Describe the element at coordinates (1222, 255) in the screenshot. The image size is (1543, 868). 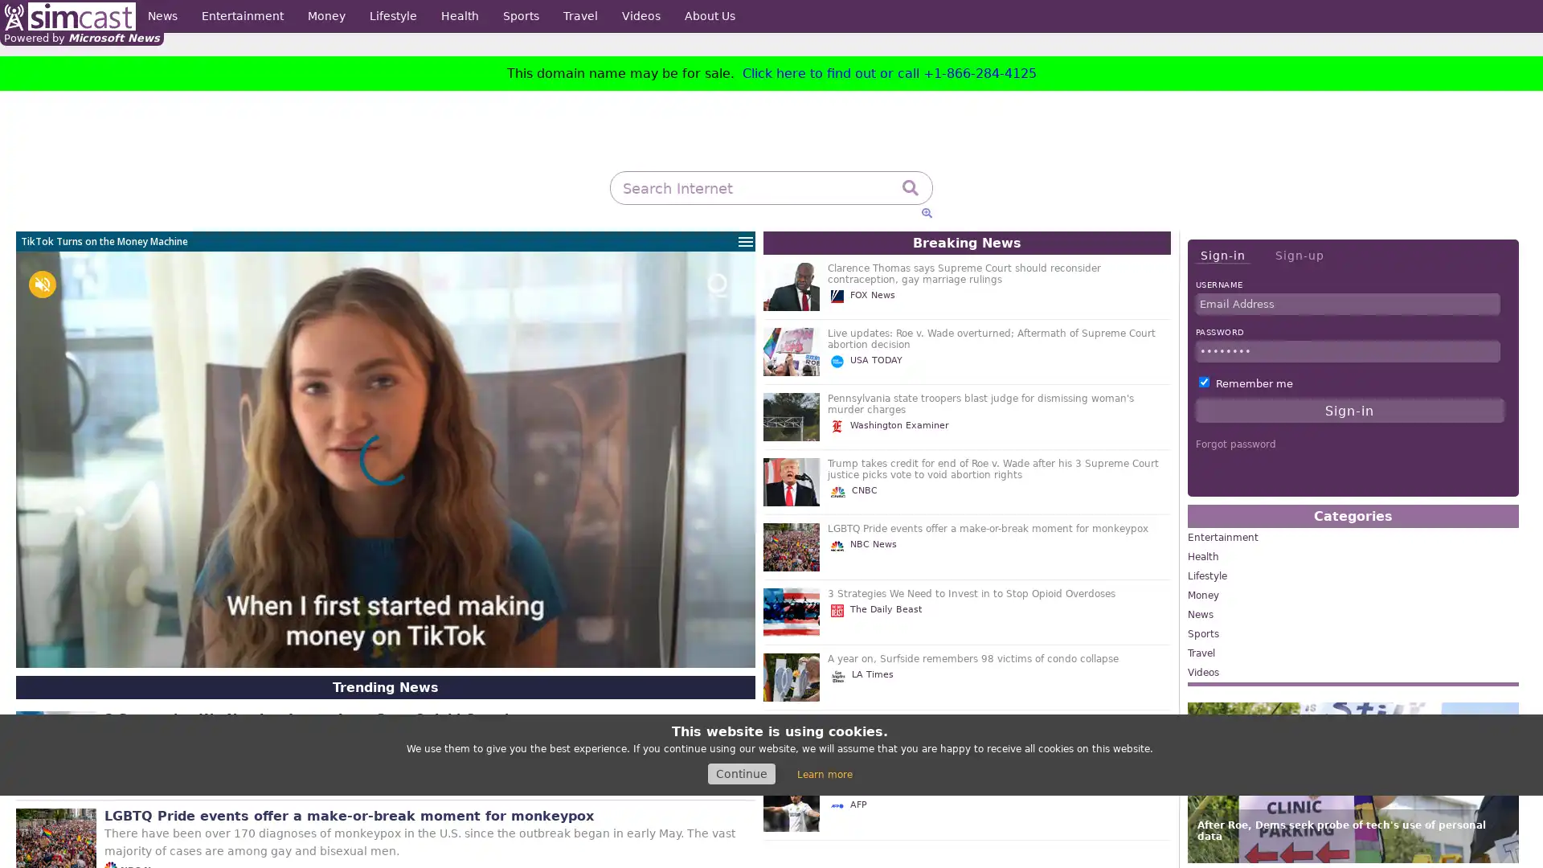
I see `Sign-in` at that location.